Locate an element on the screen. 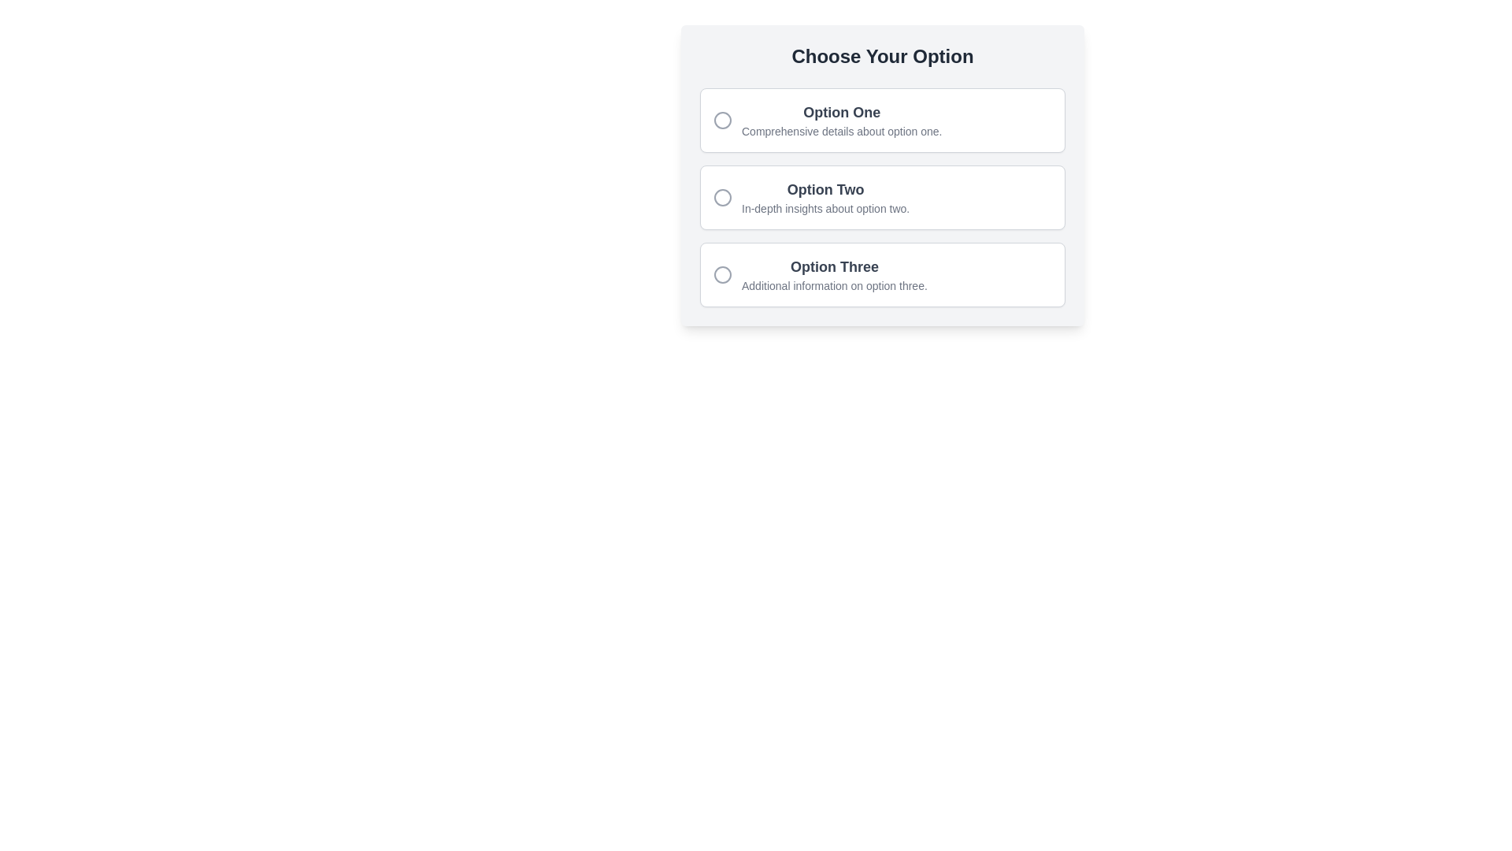  the graphic element within the outlined circular icon located to the left of the 'Option Three' text in the vertical selection menu is located at coordinates (721, 273).